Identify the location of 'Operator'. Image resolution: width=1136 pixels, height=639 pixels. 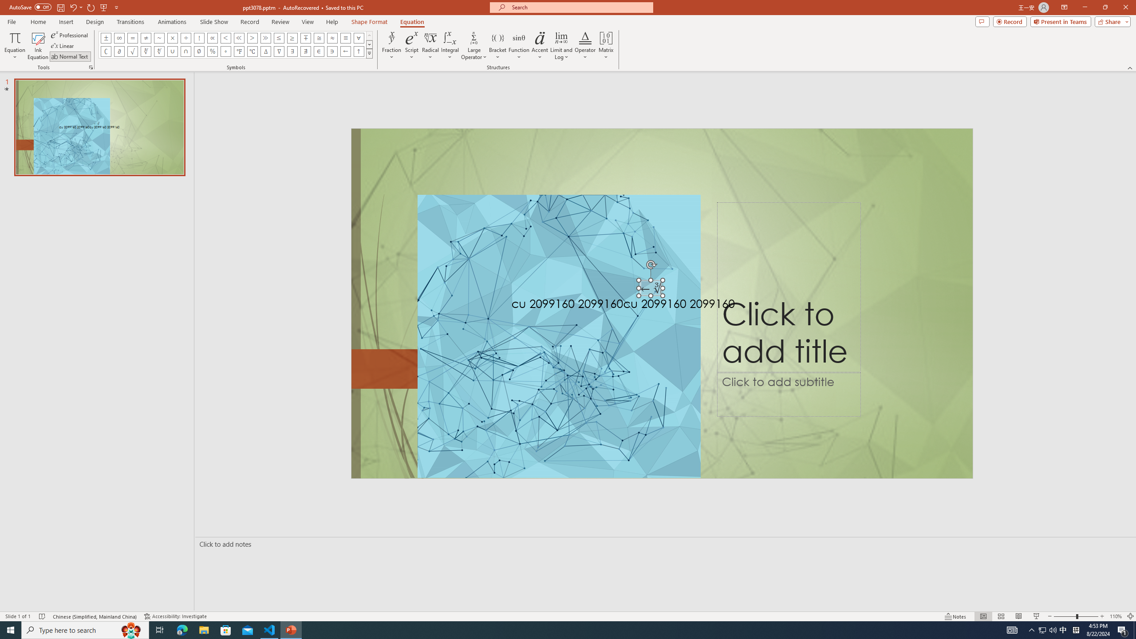
(584, 46).